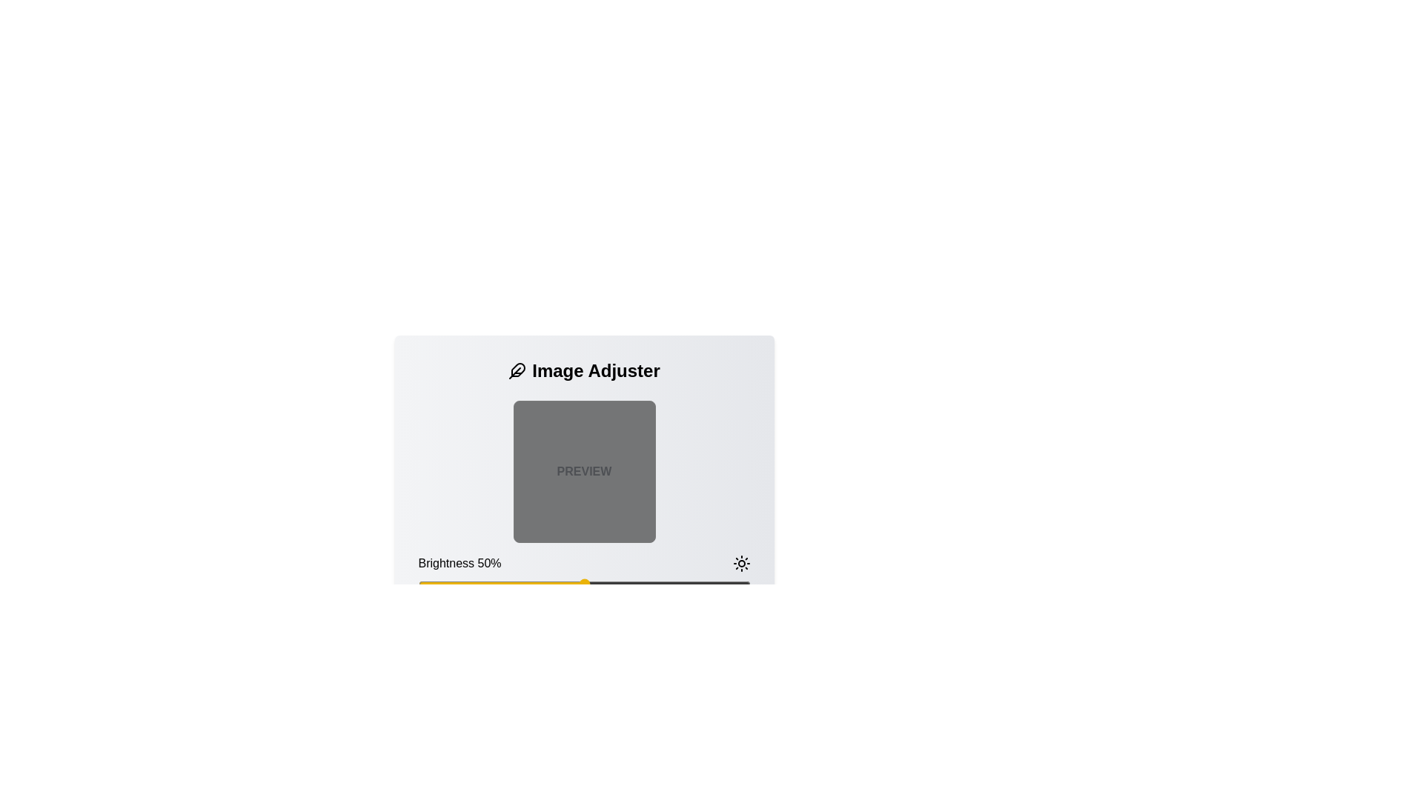 This screenshot has width=1423, height=800. Describe the element at coordinates (583, 471) in the screenshot. I see `the Display Area that contains the word 'PREVIEW' in uppercase letters, which is centrally placed below the heading 'Image Adjuster'` at that location.